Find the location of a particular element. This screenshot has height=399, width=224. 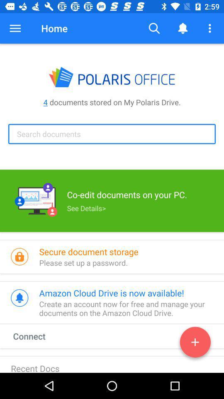

item to the right of connect icon is located at coordinates (195, 344).